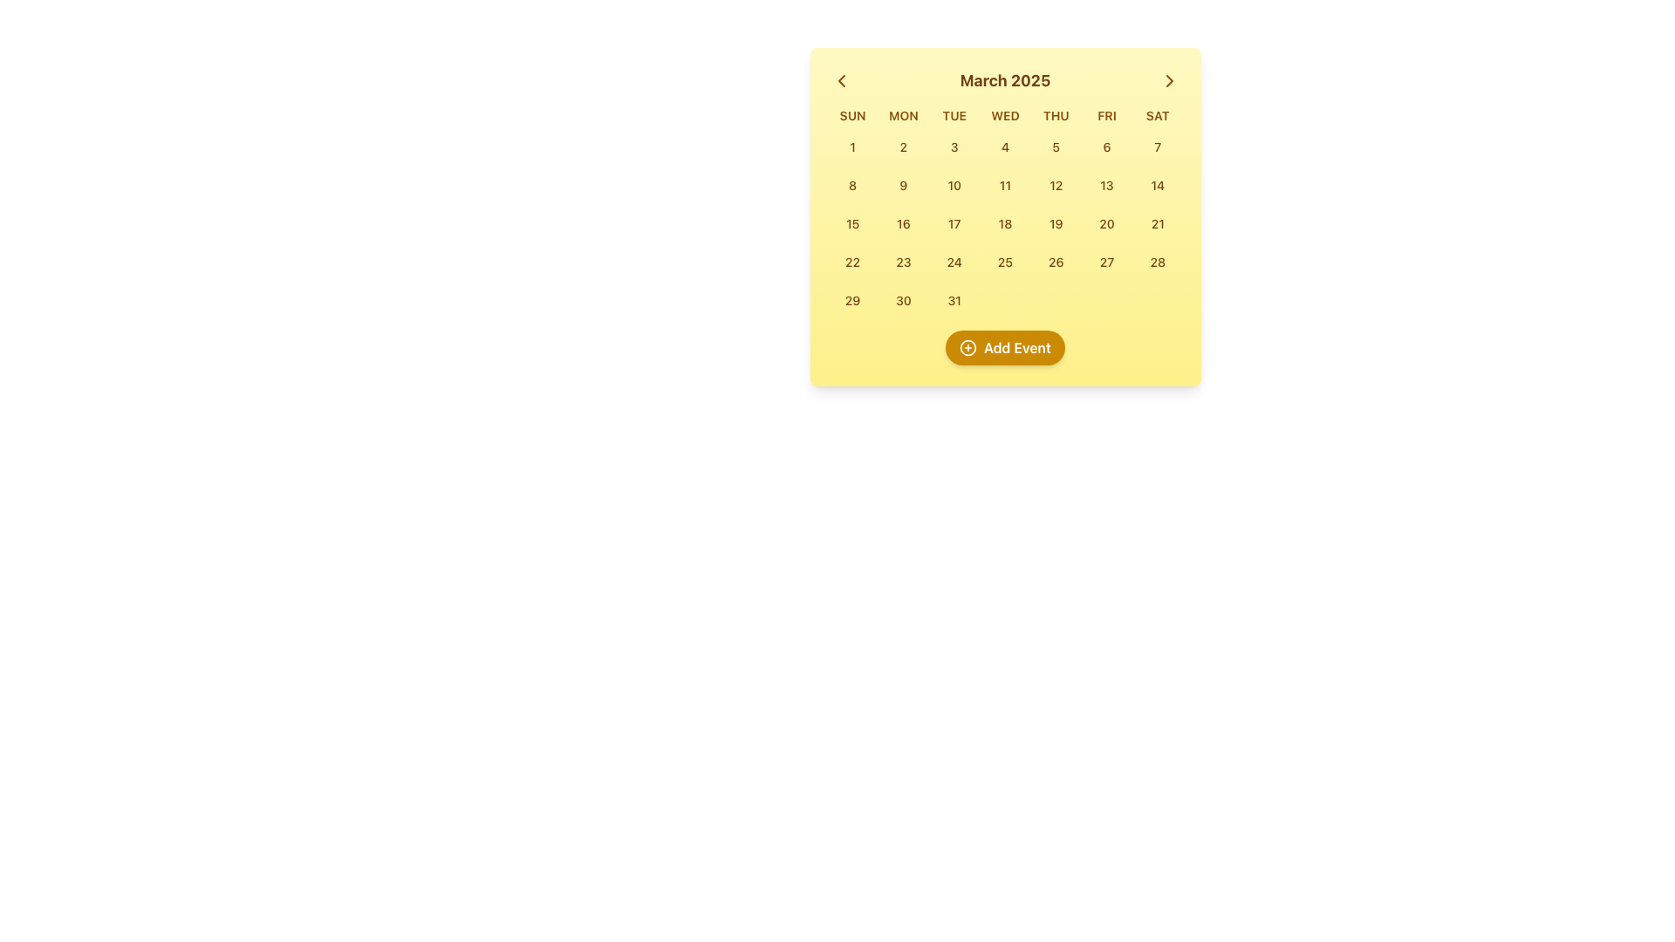 The image size is (1675, 942). Describe the element at coordinates (1055, 222) in the screenshot. I see `the text label representing the date 19th March 2025 in the calendar interface` at that location.